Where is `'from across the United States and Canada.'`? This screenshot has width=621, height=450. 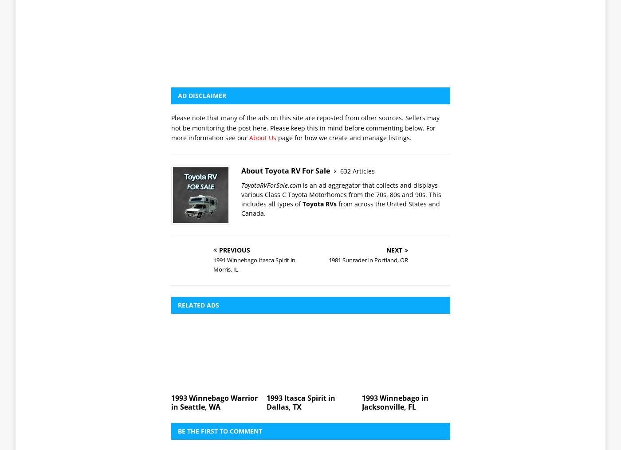
'from across the United States and Canada.' is located at coordinates (341, 84).